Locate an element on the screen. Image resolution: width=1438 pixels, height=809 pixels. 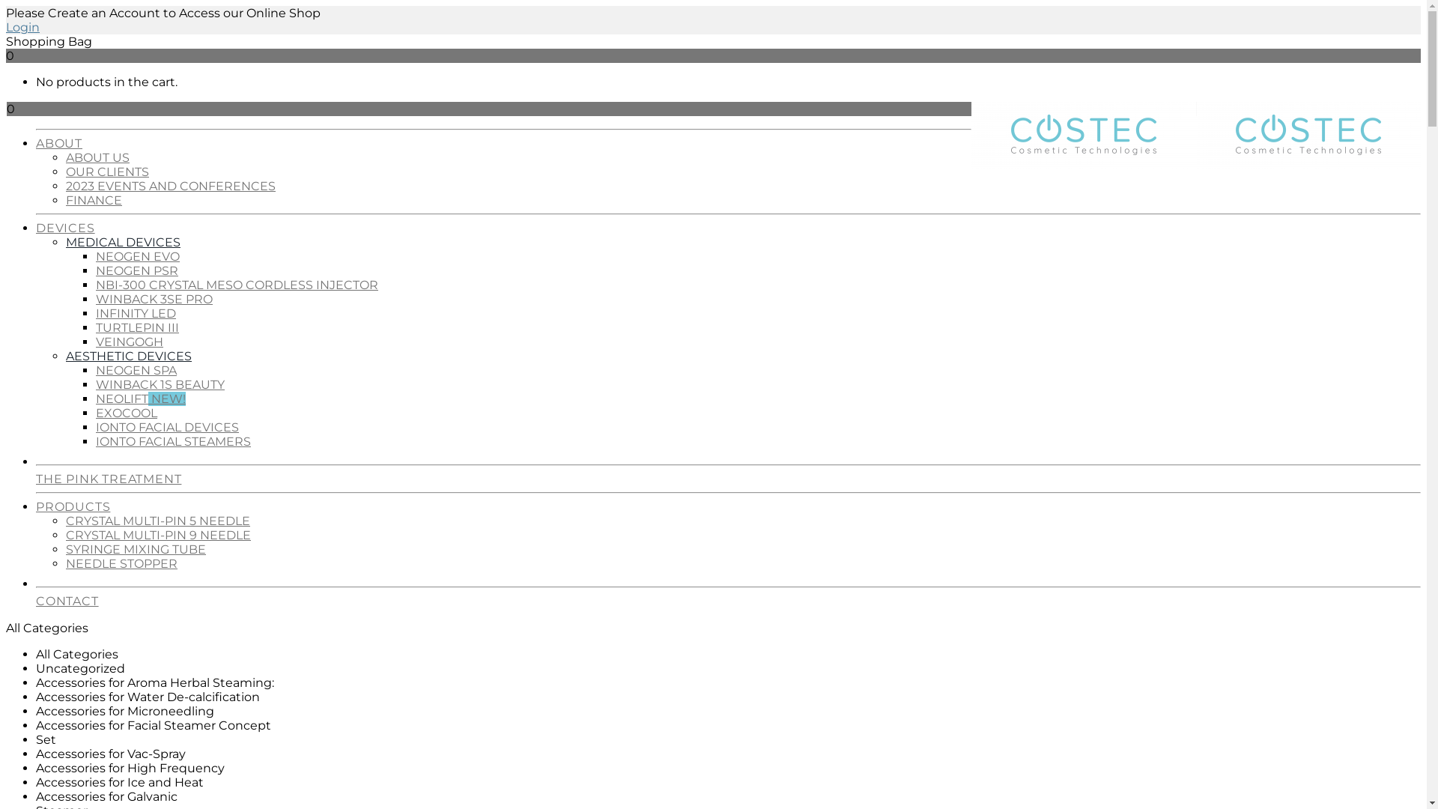
'NBI-300 CRYSTAL MESO CORDLESS INJECTOR' is located at coordinates (236, 285).